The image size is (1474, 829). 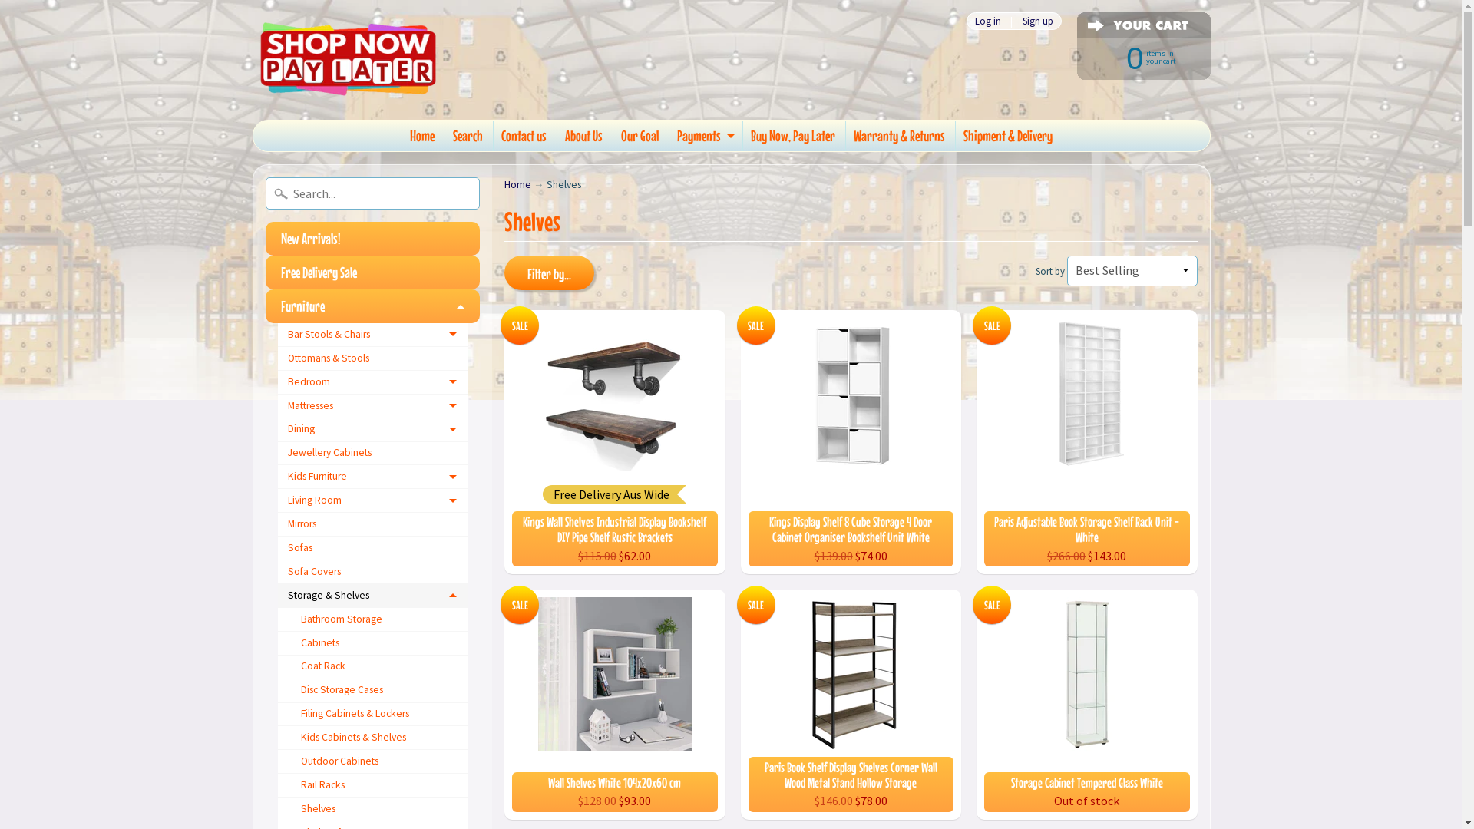 What do you see at coordinates (372, 358) in the screenshot?
I see `'Ottomans & Stools'` at bounding box center [372, 358].